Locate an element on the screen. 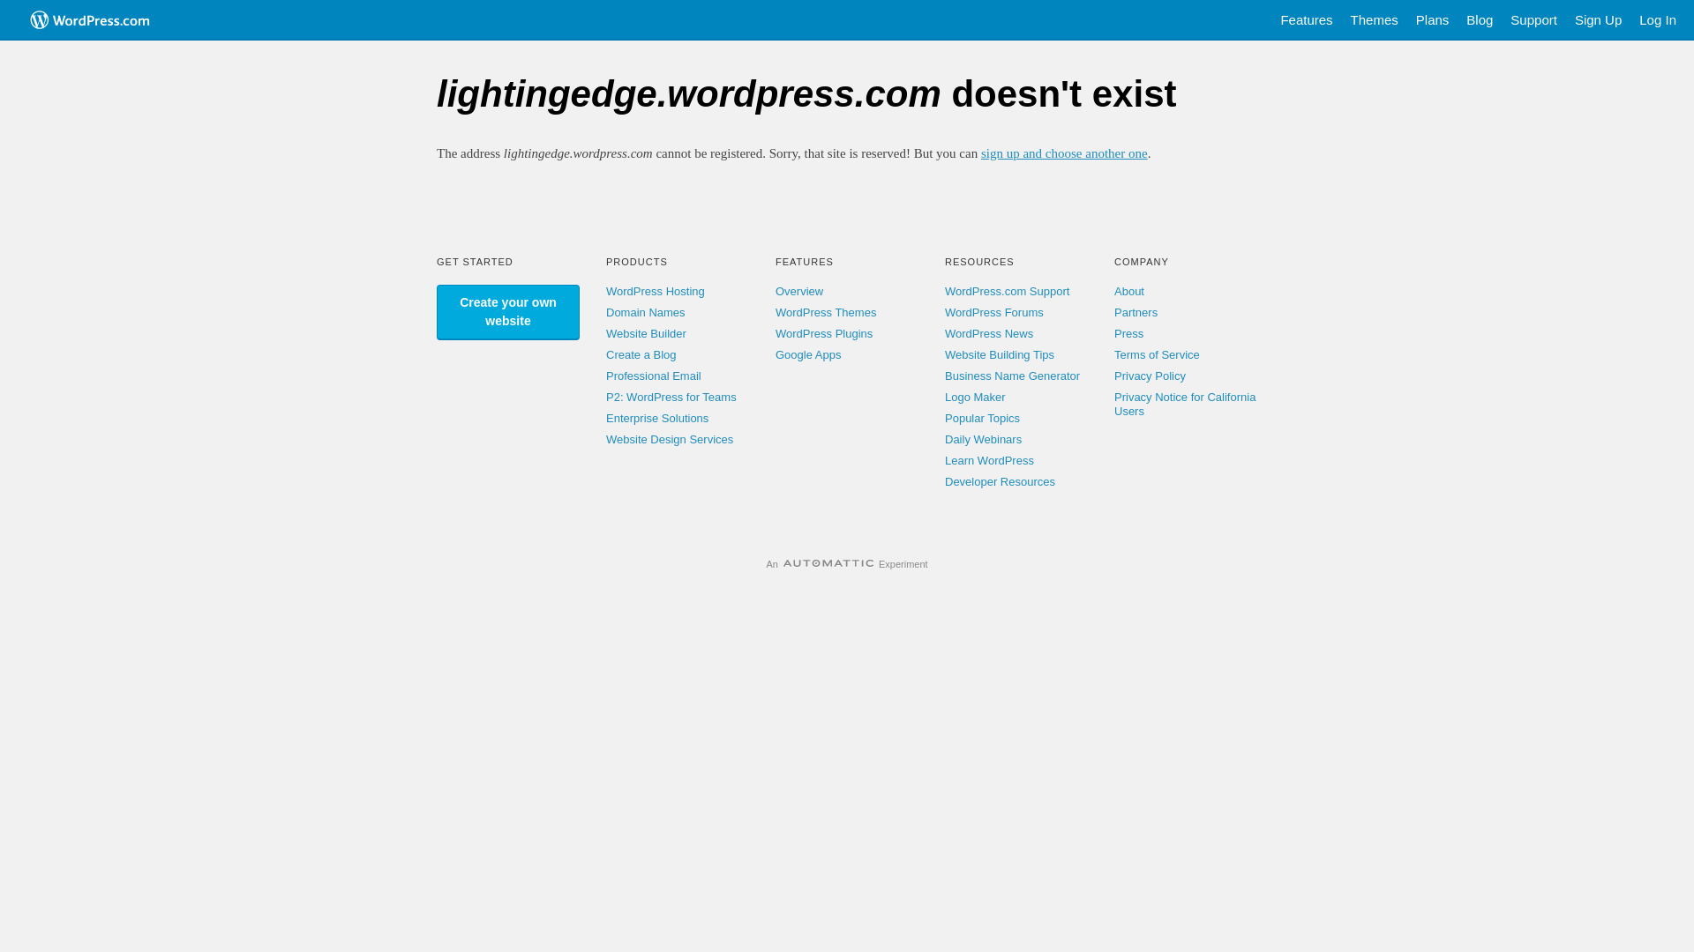  'Log In' is located at coordinates (1656, 20).